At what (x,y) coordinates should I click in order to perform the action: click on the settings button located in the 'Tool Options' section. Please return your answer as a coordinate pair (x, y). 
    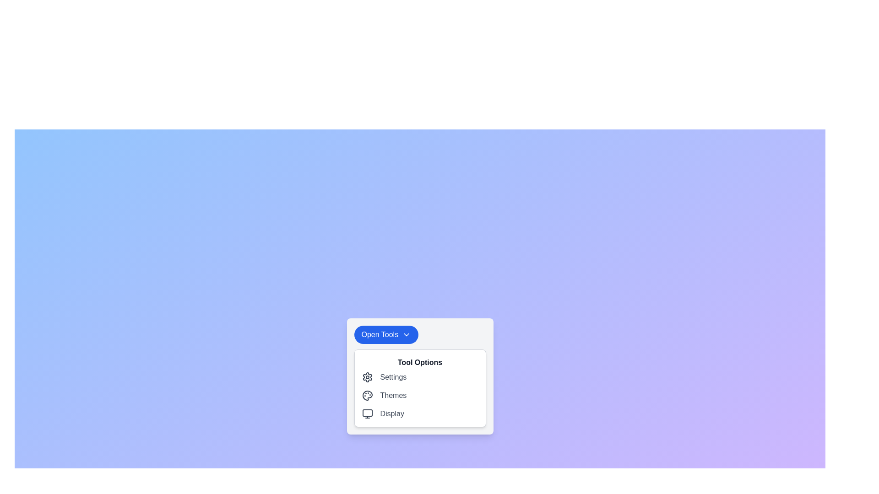
    Looking at the image, I should click on (419, 377).